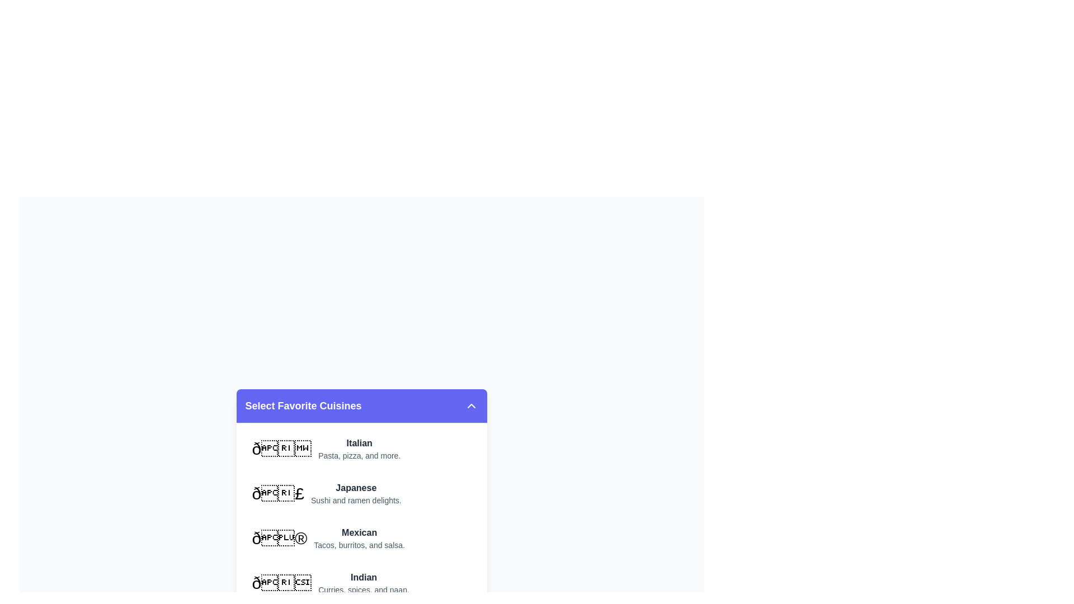 The width and height of the screenshot is (1074, 604). What do you see at coordinates (359, 537) in the screenshot?
I see `the text display element titled 'Mexican' which is the third entry in the 'Select Favorite Cuisines' menu, displaying the description 'Tacos, burritos, and salsa.'` at bounding box center [359, 537].